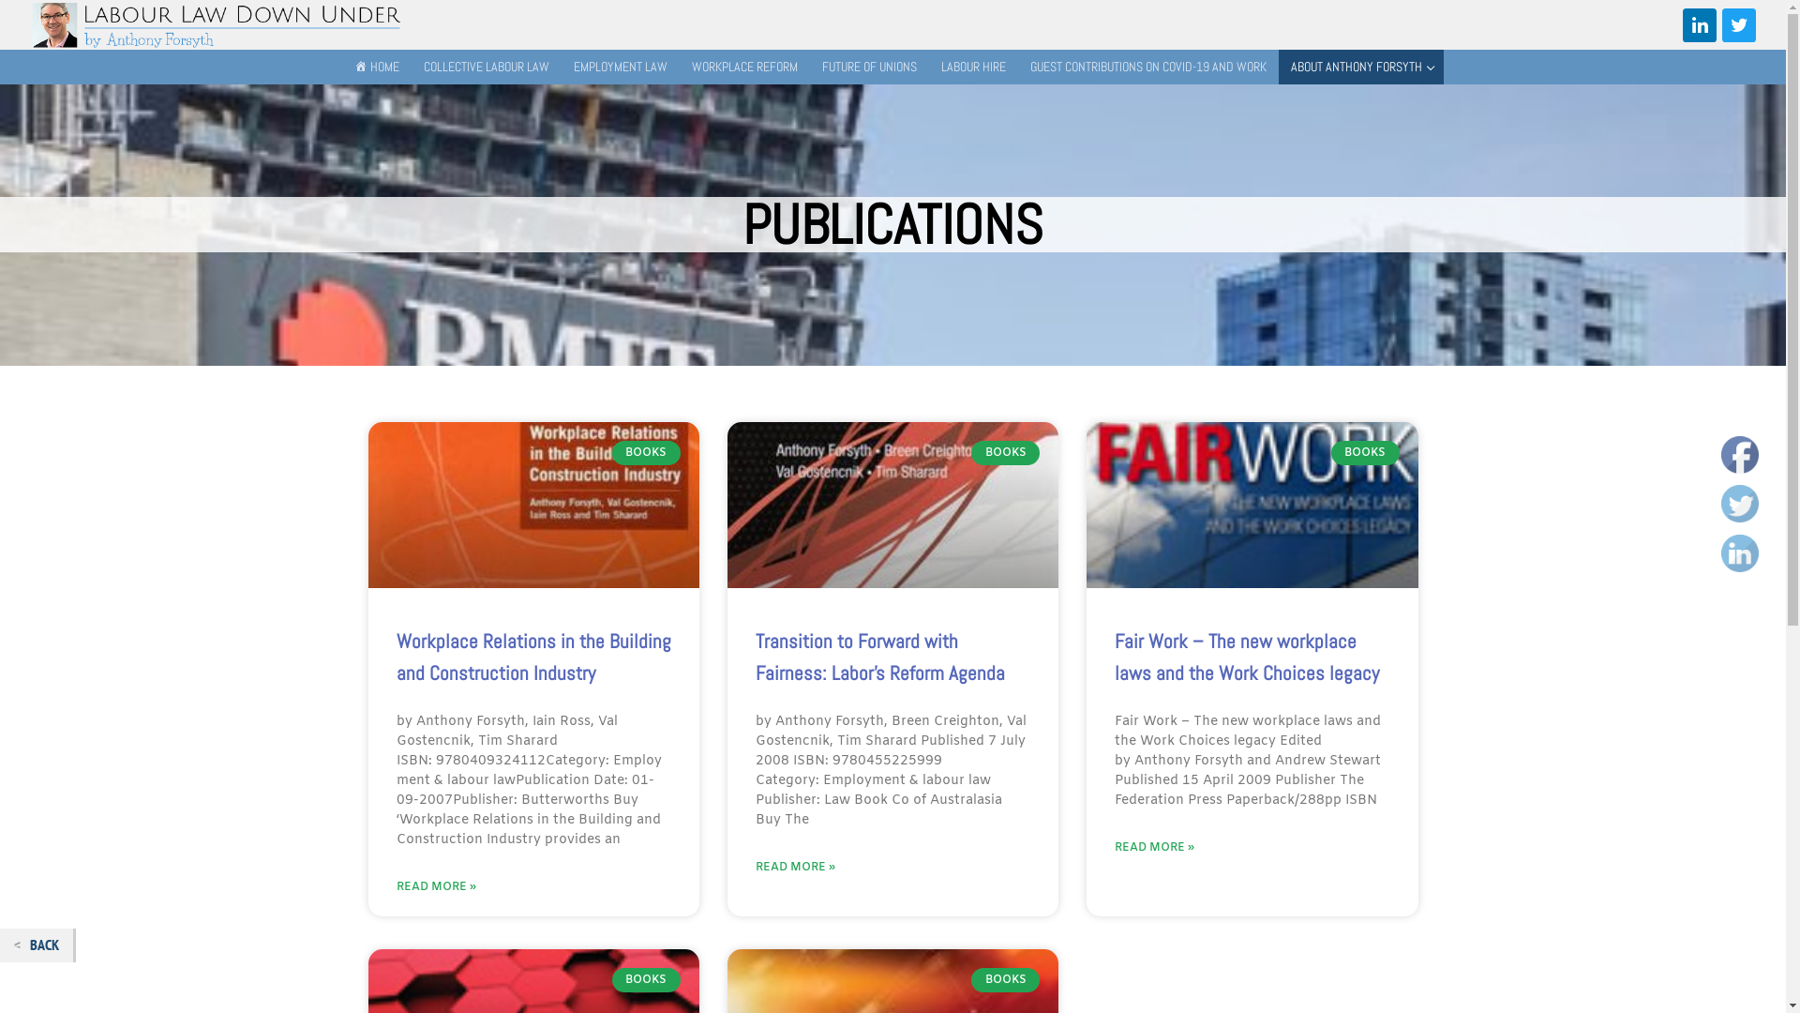 The image size is (1800, 1013). What do you see at coordinates (621, 67) in the screenshot?
I see `'EMPLOYMENT LAW'` at bounding box center [621, 67].